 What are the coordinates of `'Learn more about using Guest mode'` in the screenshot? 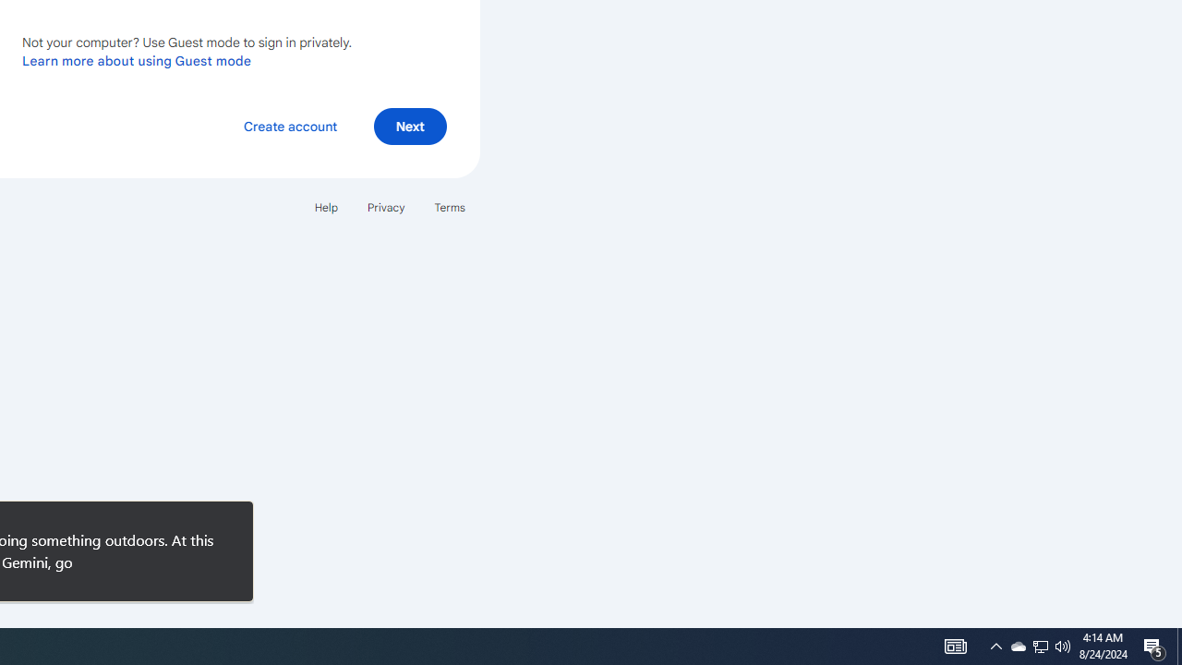 It's located at (136, 59).